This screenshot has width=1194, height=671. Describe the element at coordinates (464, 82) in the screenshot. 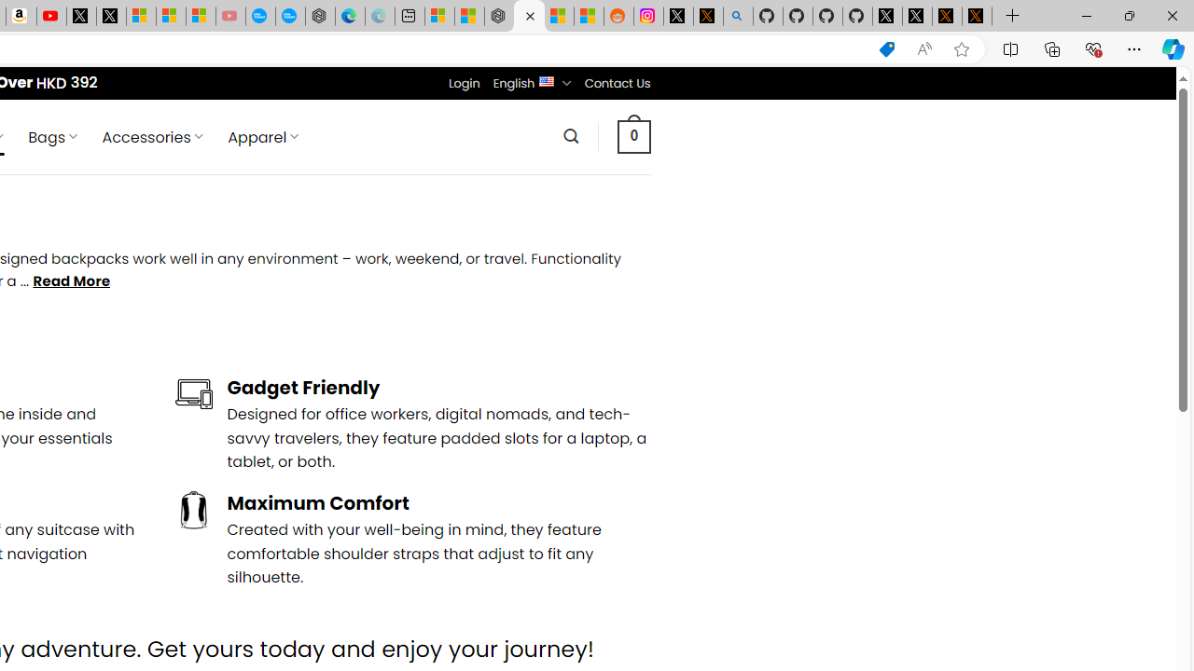

I see `'Login'` at that location.